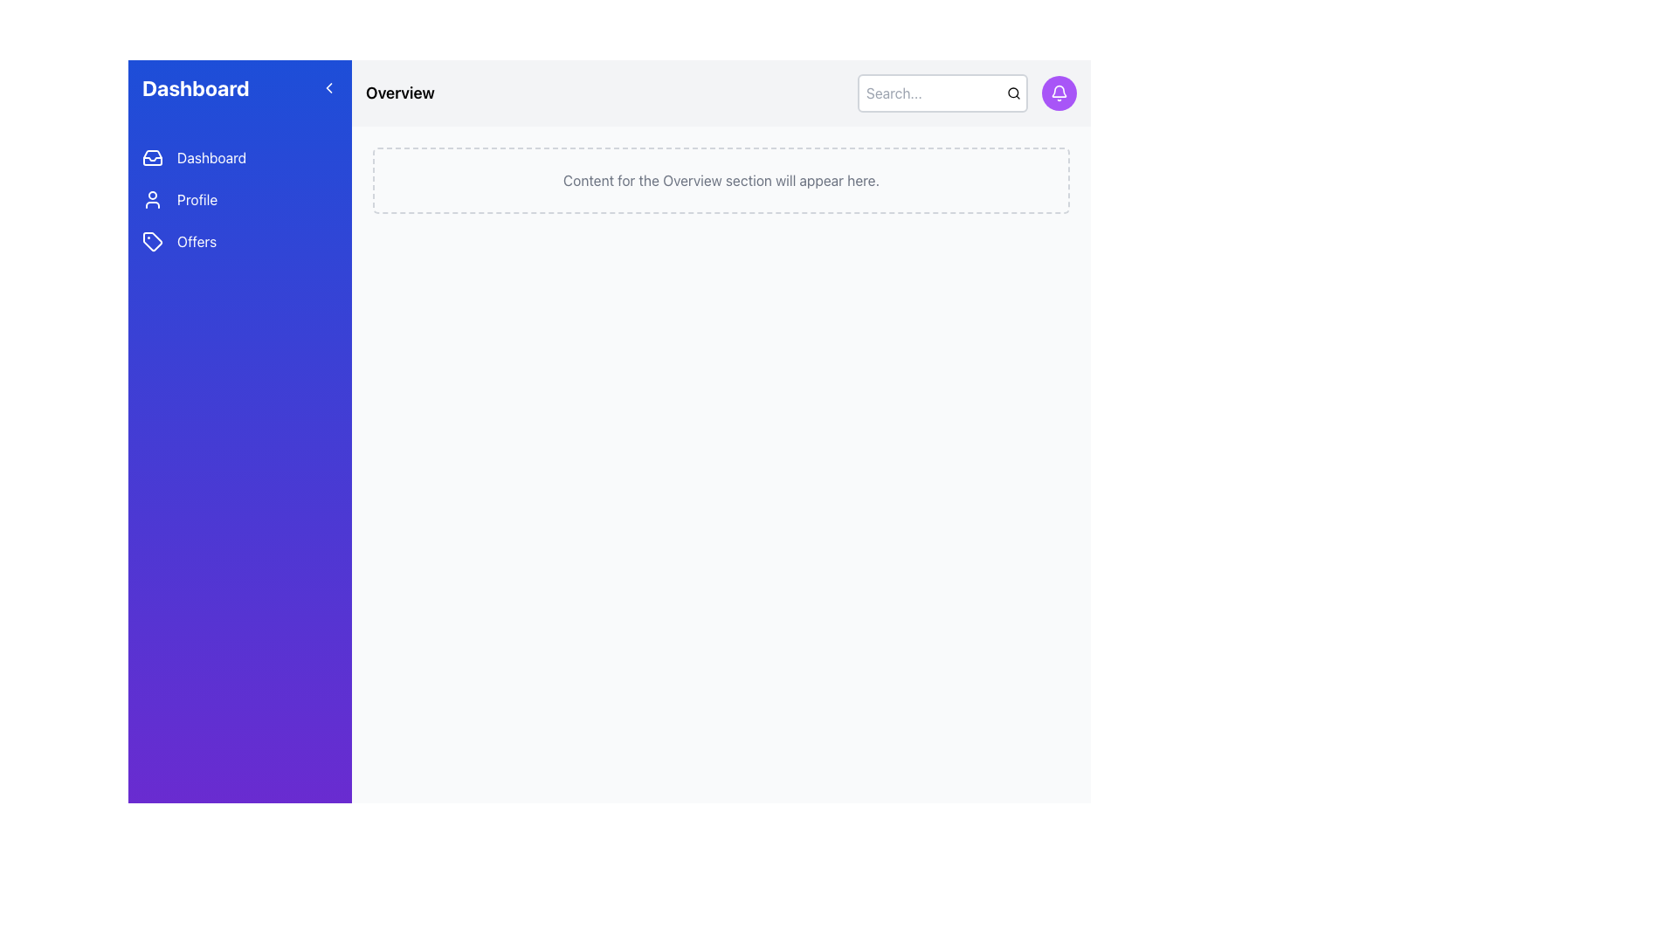 The height and width of the screenshot is (943, 1677). What do you see at coordinates (197, 198) in the screenshot?
I see `the 'Profile' text link in the left-side navigation menu` at bounding box center [197, 198].